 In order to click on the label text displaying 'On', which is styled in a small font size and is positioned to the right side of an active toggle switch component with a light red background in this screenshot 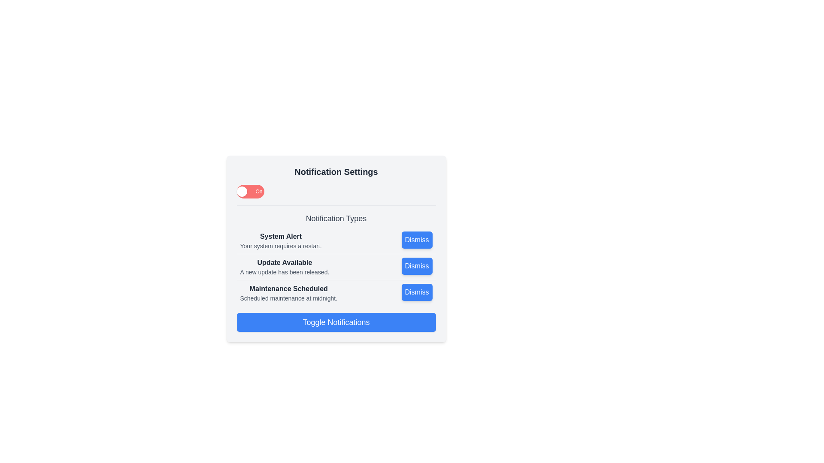, I will do `click(258, 191)`.